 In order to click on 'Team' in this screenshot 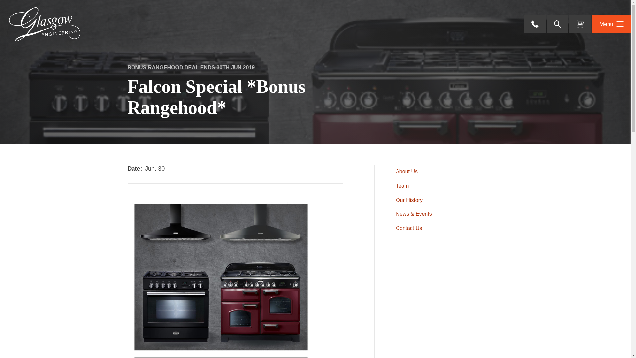, I will do `click(450, 186)`.